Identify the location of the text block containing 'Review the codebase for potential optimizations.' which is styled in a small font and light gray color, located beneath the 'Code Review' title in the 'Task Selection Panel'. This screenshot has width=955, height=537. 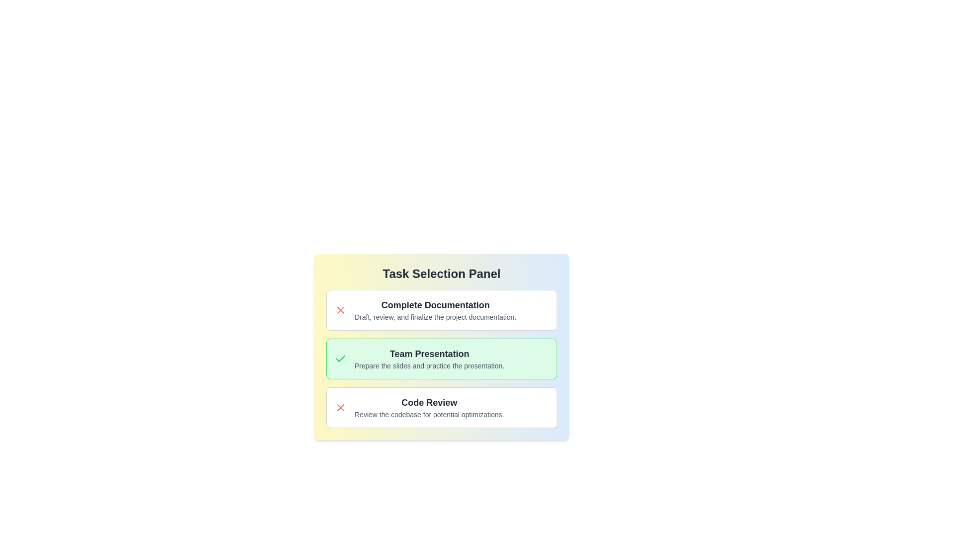
(429, 414).